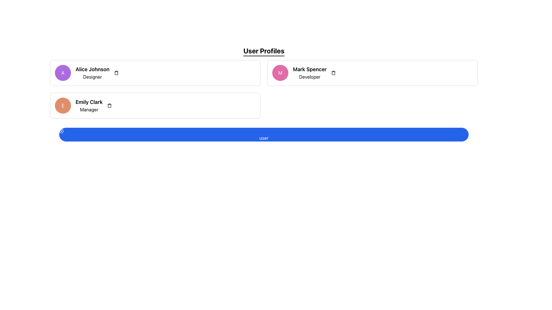  Describe the element at coordinates (263, 51) in the screenshot. I see `the 'User Profiles' header text, which is styled in bold and underlined with a large font size, located at the top center of the layout` at that location.